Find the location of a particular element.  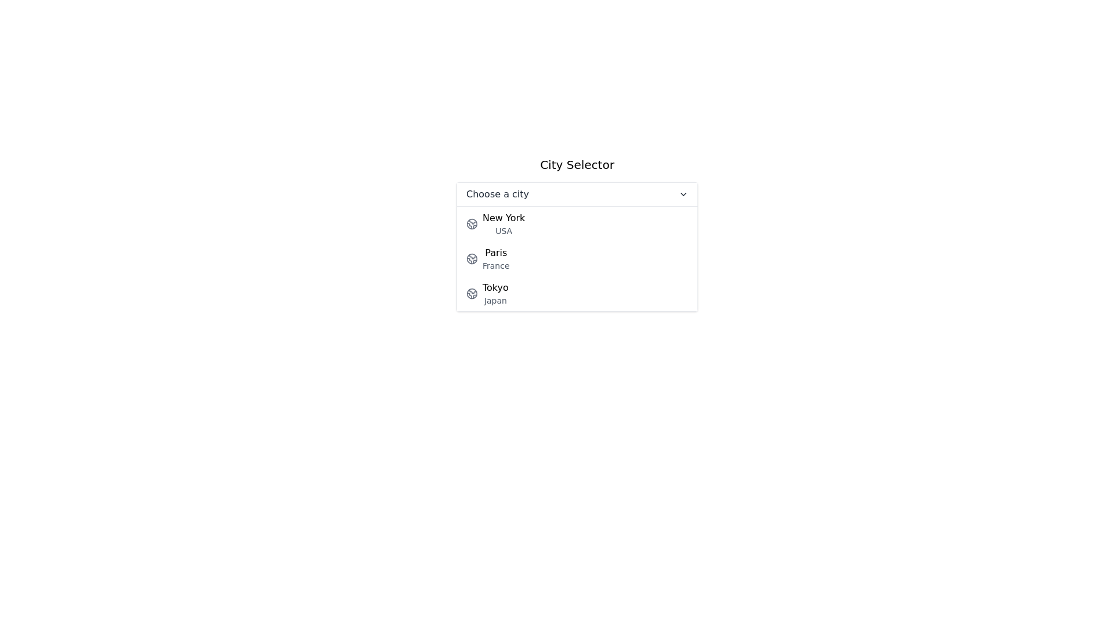

the text element displaying 'Tokyo' and 'Japan' in a dropdown menu is located at coordinates (495, 293).